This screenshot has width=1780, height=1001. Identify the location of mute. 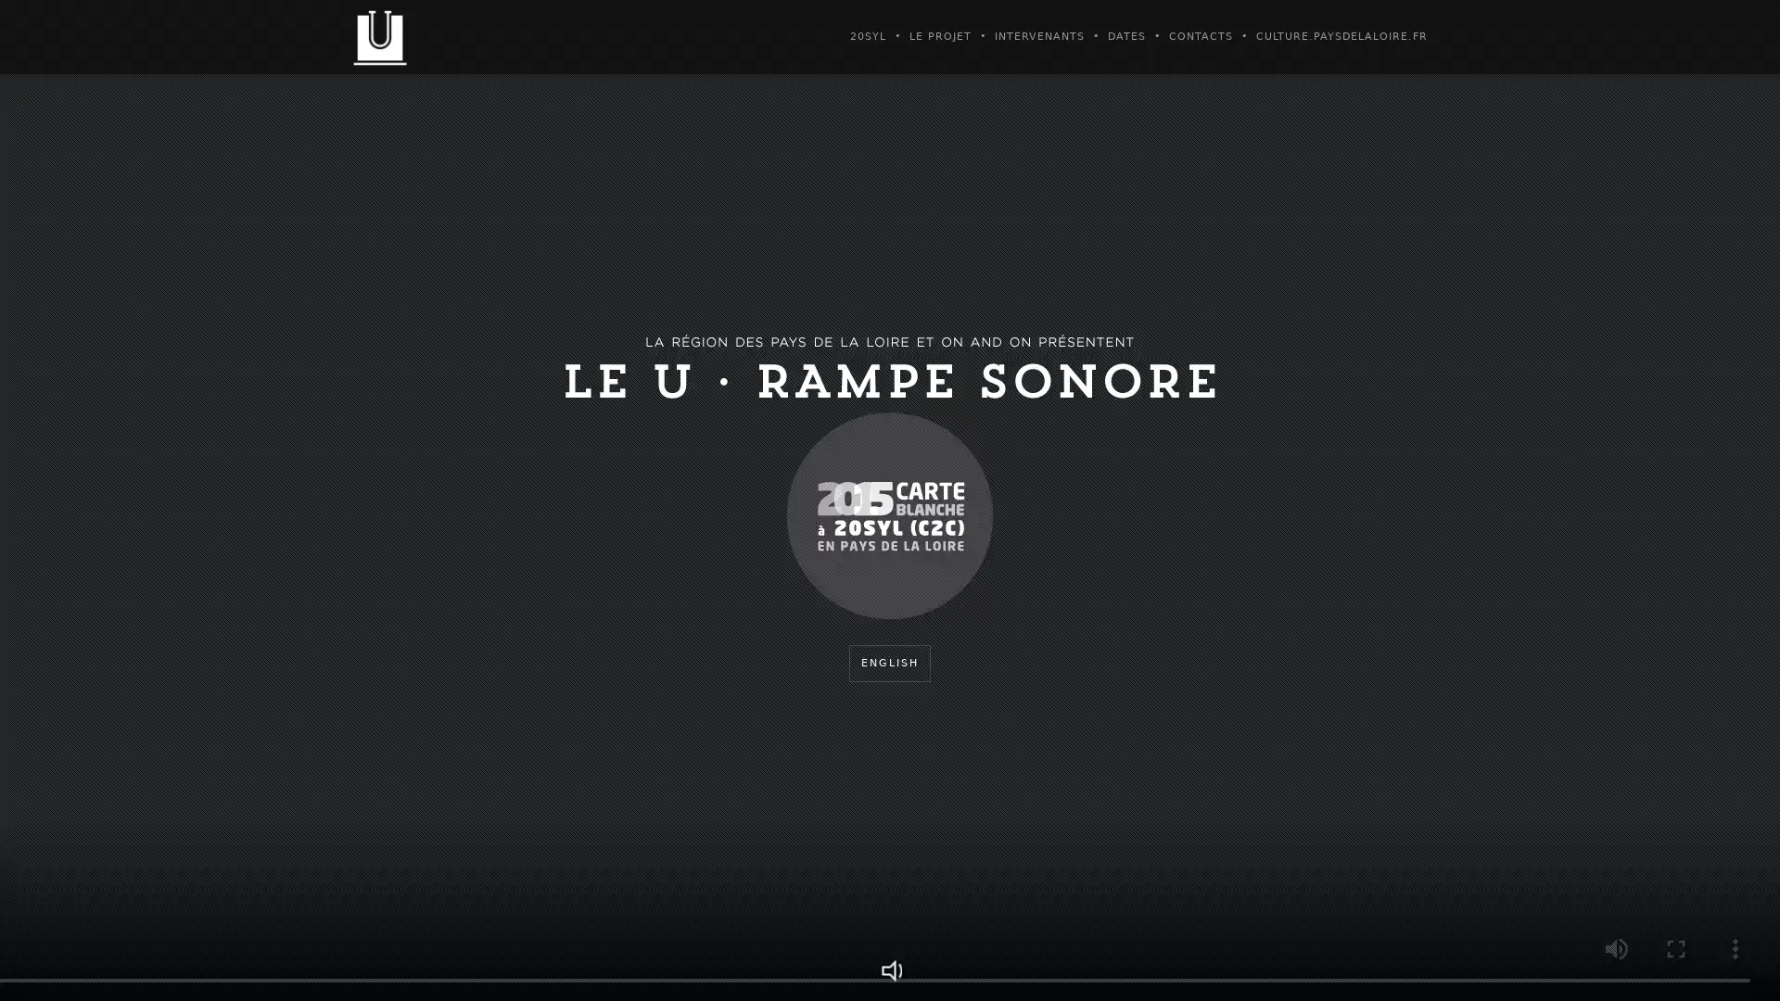
(1615, 948).